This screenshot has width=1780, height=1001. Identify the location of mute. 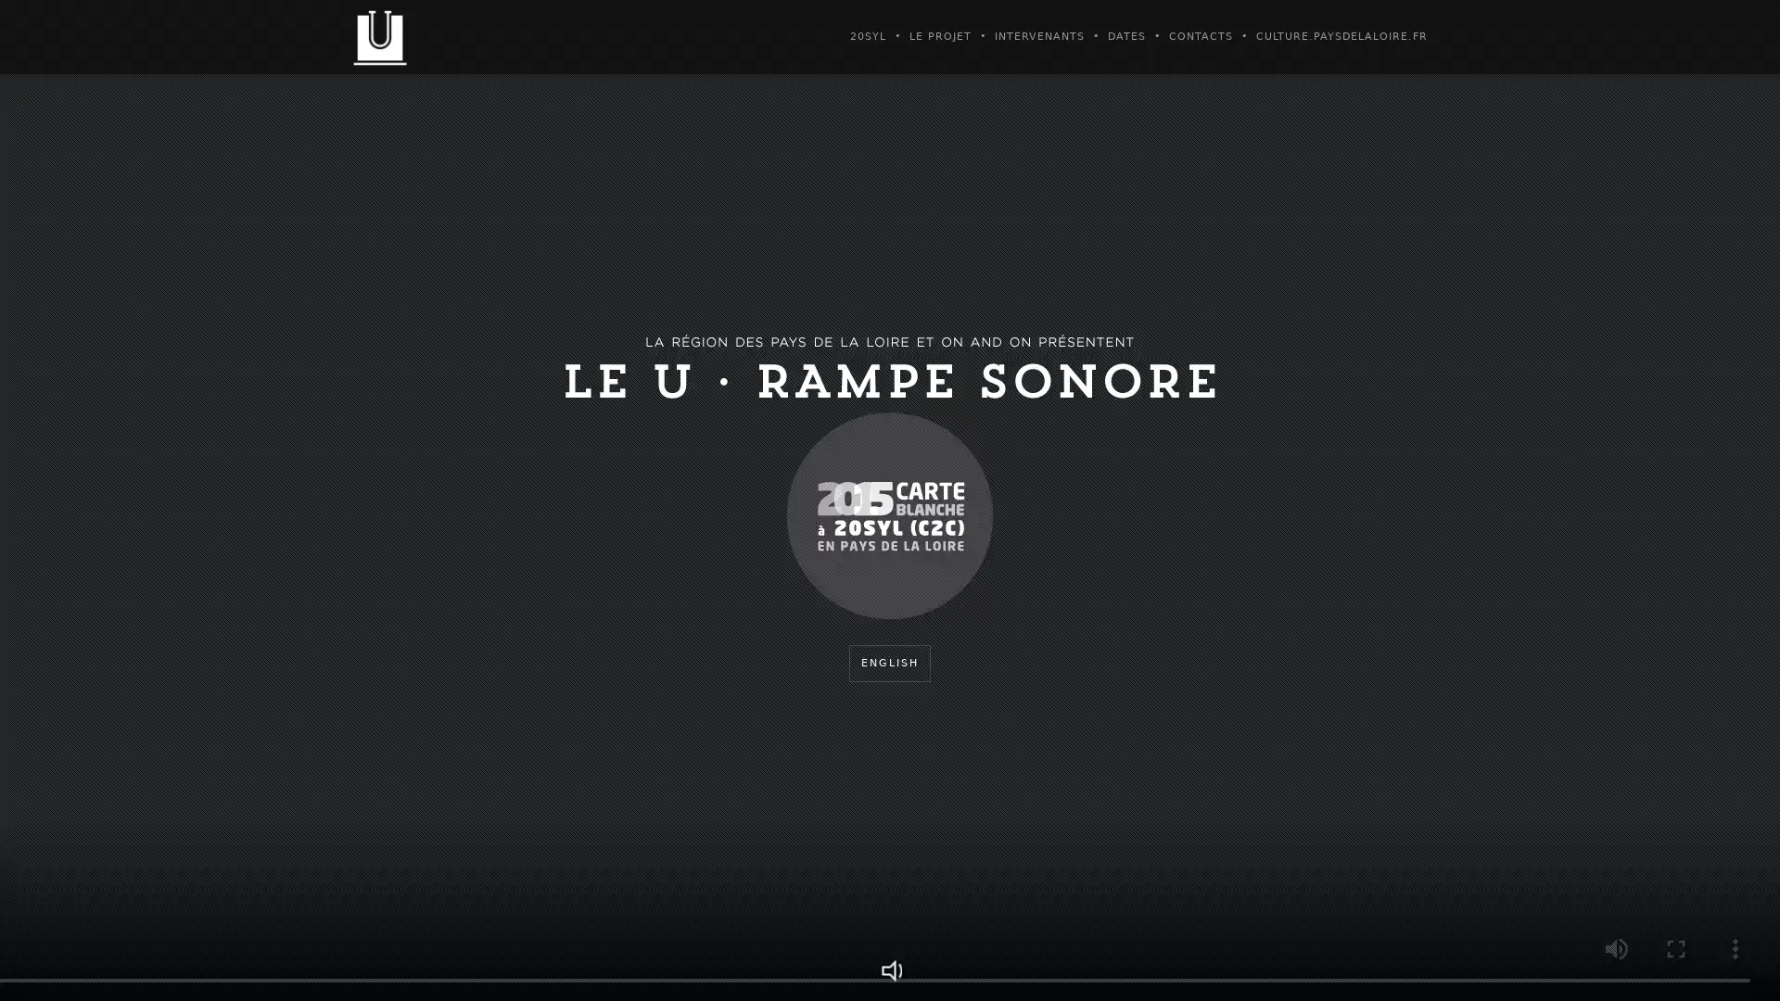
(1615, 948).